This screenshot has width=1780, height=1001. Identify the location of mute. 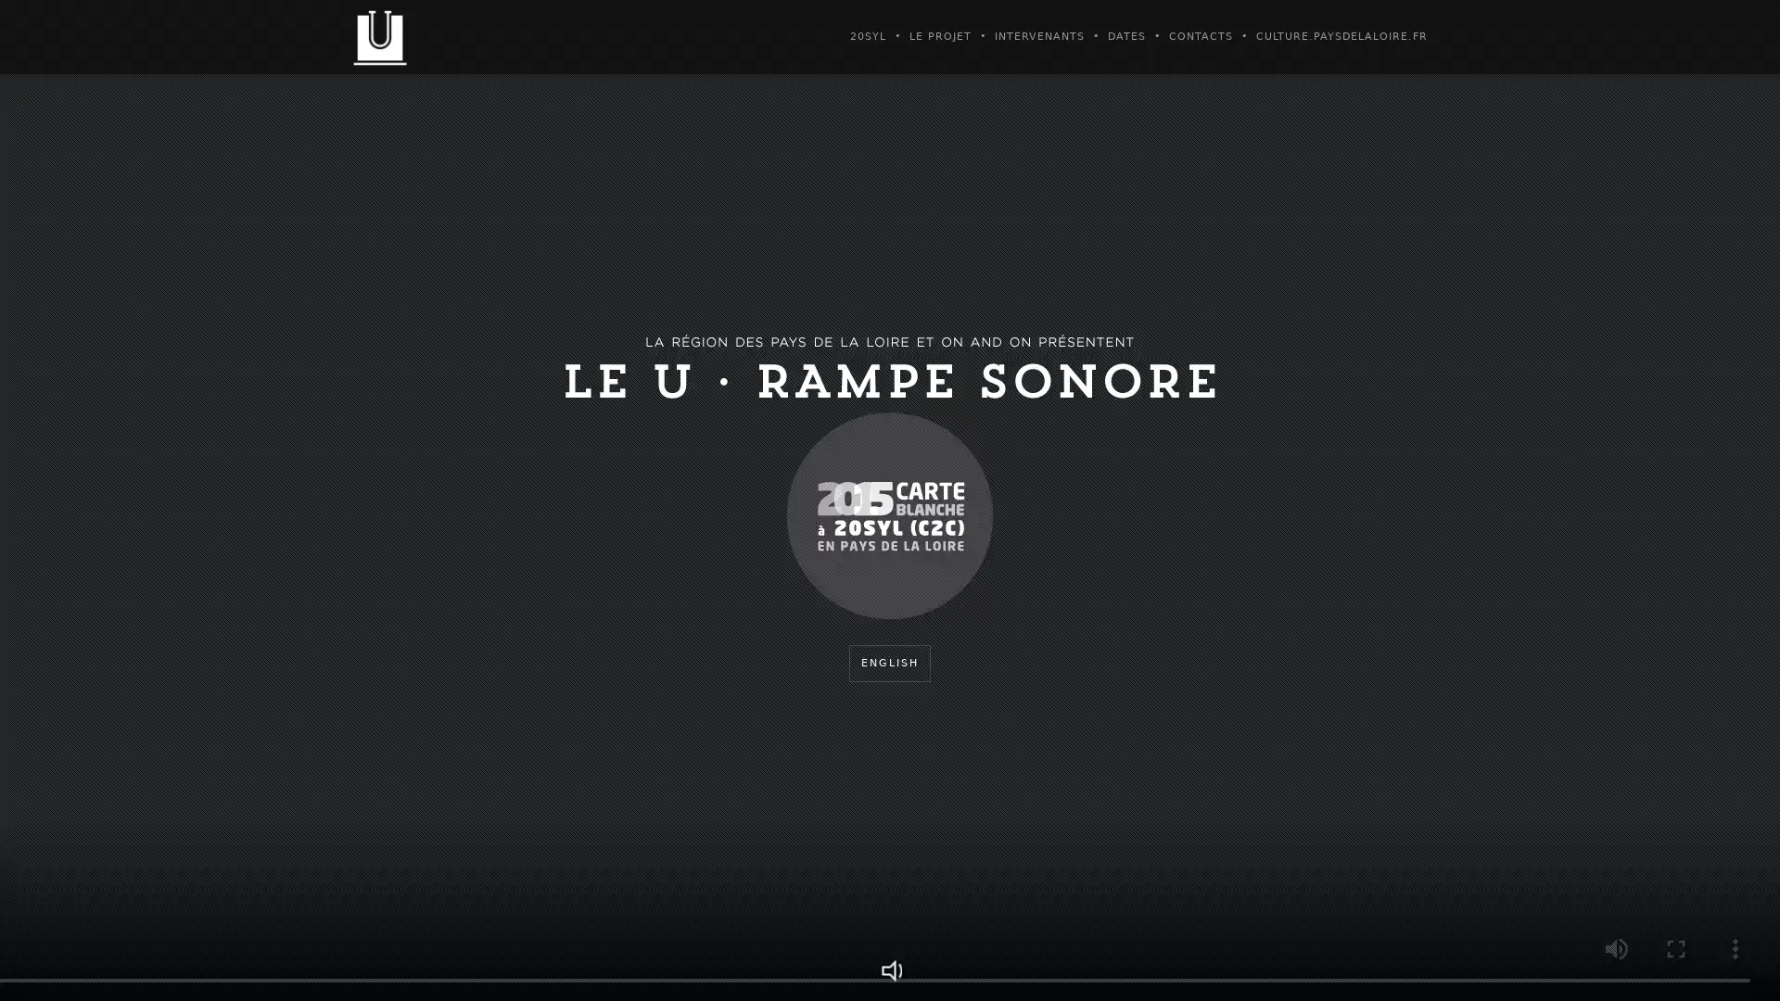
(1615, 948).